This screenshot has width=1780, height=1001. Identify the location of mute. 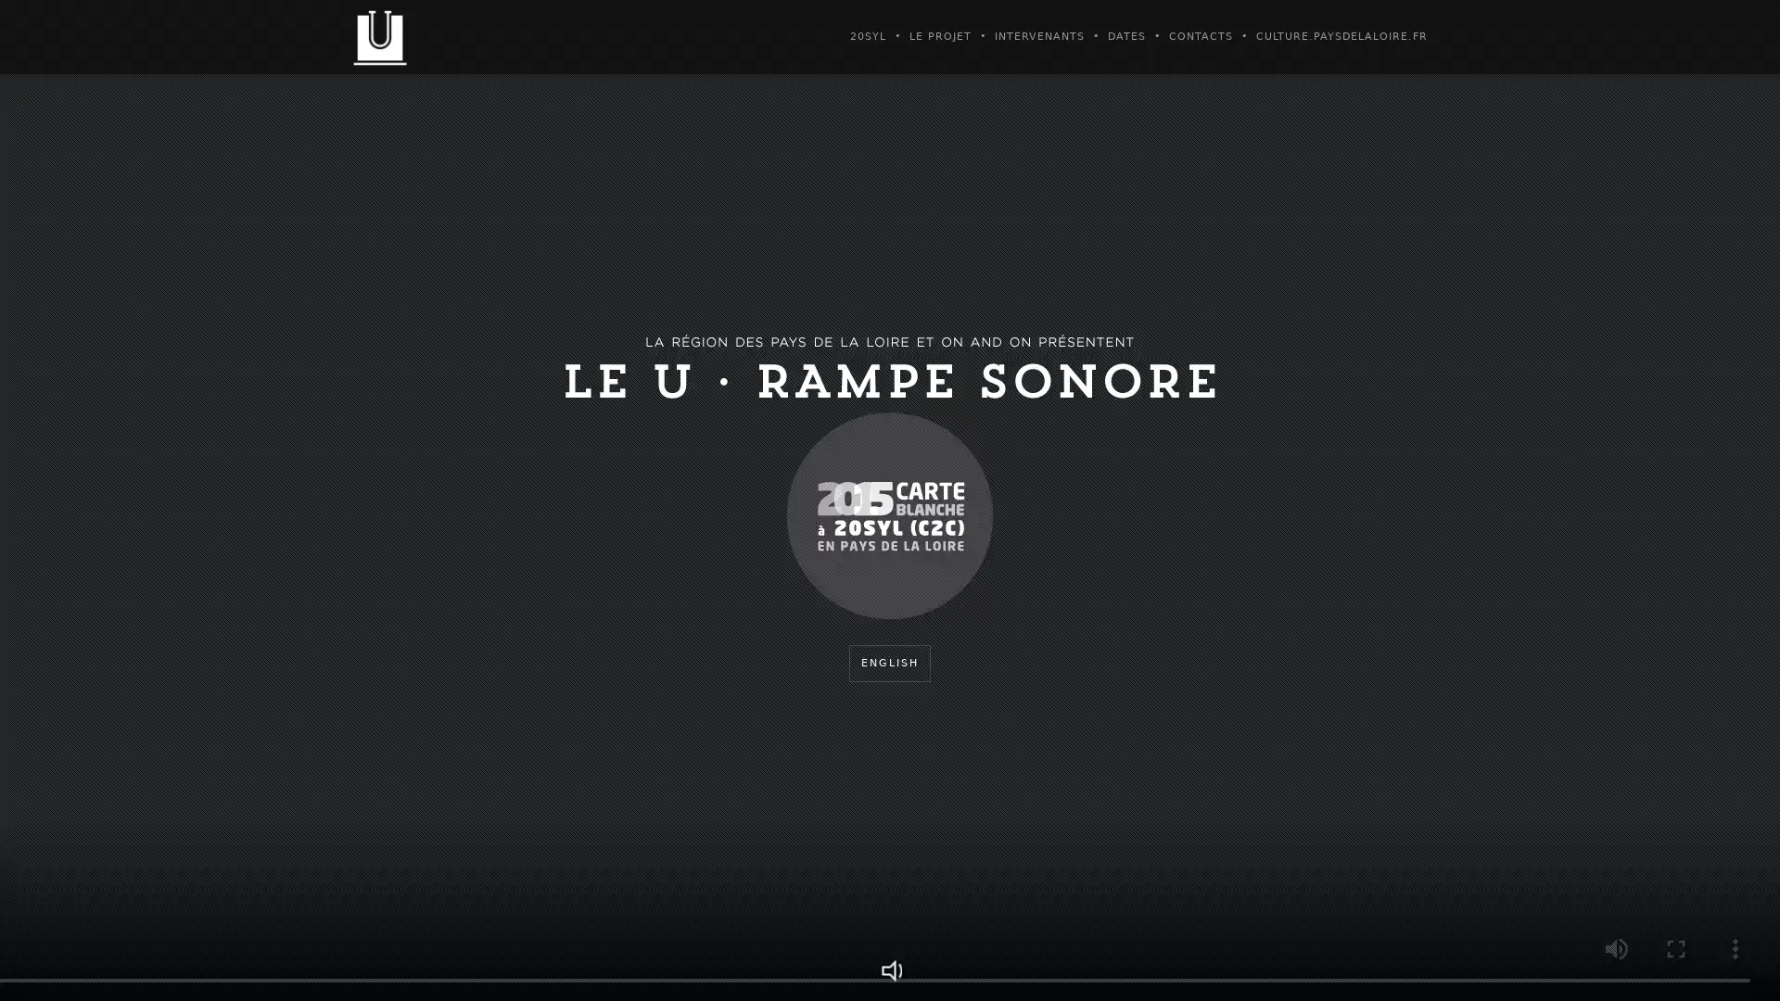
(1615, 948).